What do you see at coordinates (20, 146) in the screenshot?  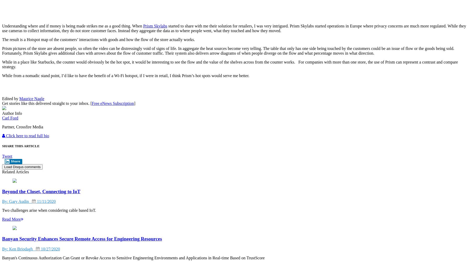 I see `'SHARE THIS ARTICLE'` at bounding box center [20, 146].